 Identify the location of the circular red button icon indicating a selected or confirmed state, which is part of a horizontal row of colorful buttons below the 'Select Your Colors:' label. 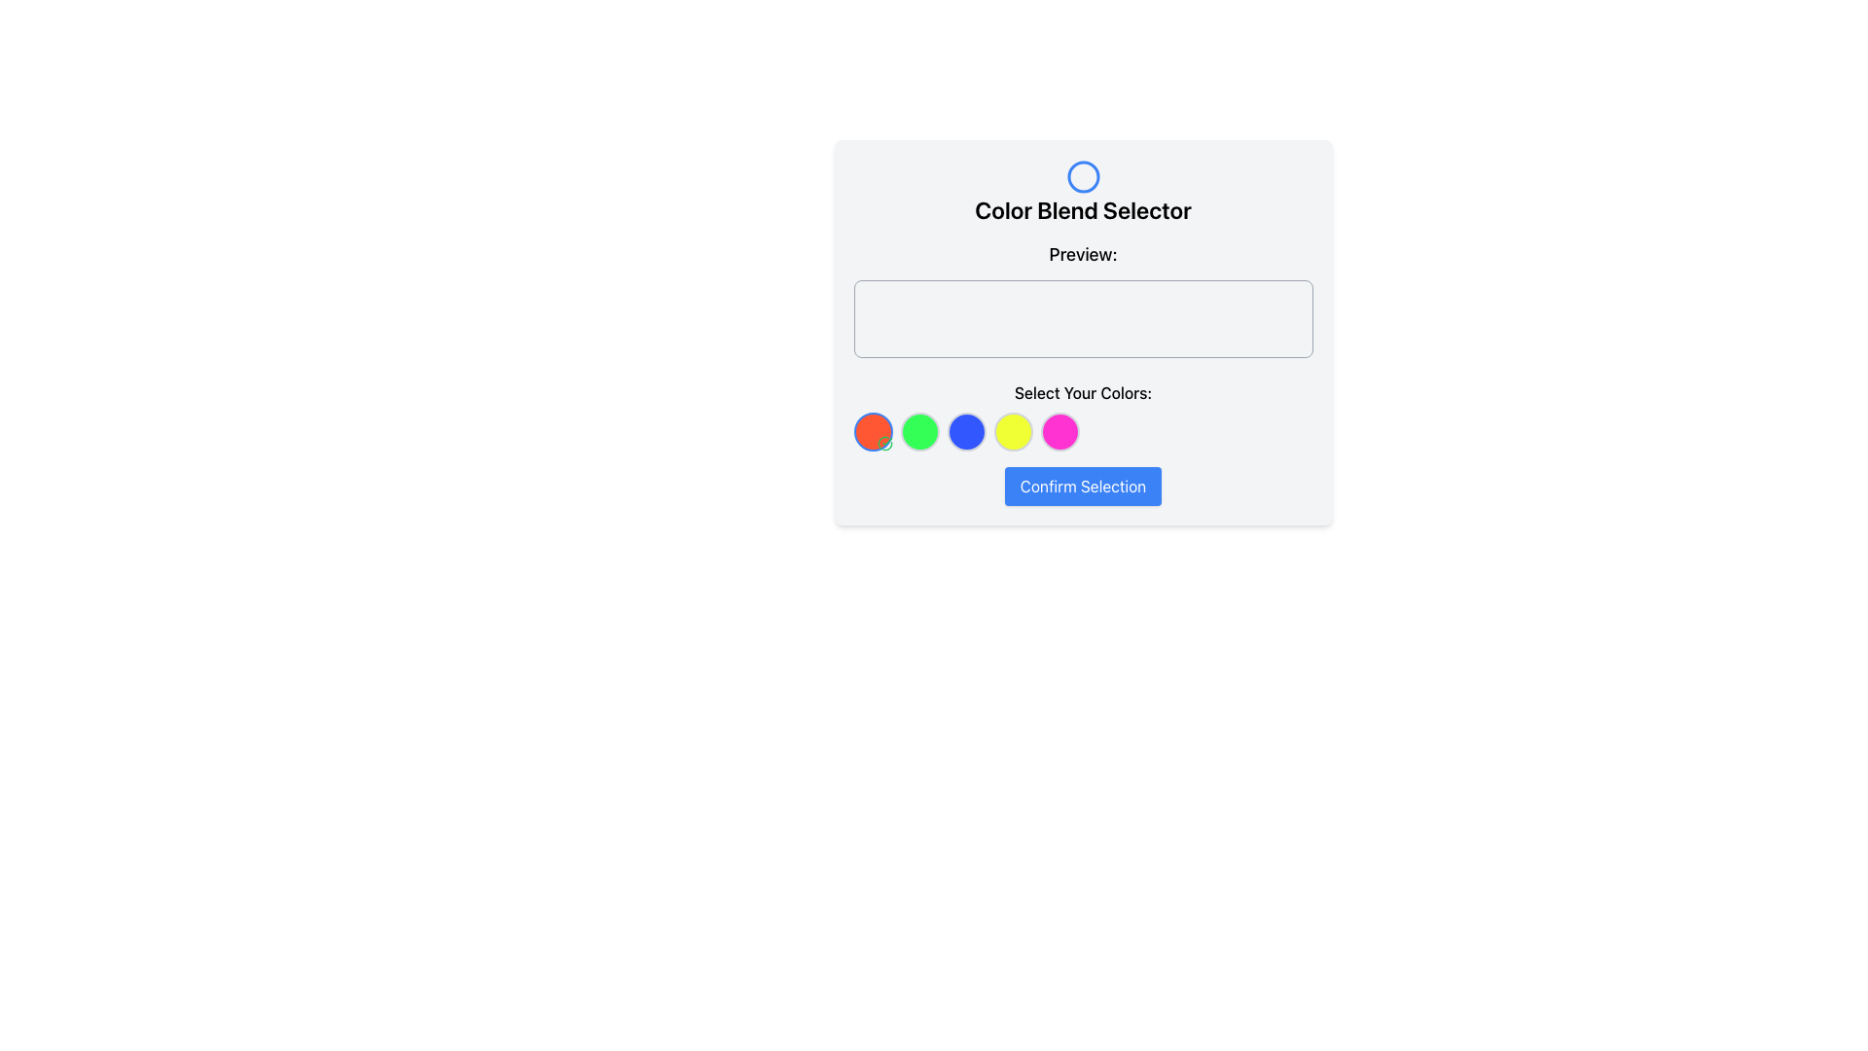
(883, 443).